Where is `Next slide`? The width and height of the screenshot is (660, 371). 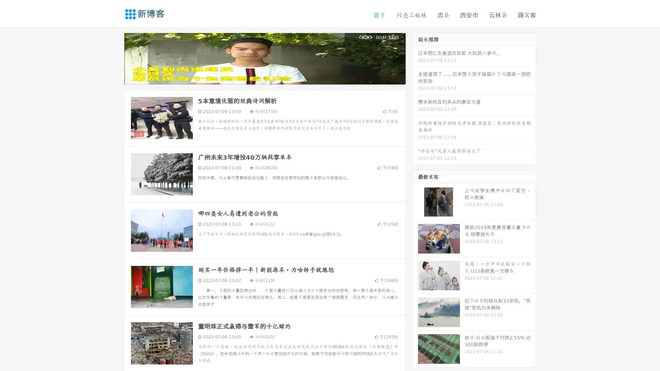 Next slide is located at coordinates (415, 58).